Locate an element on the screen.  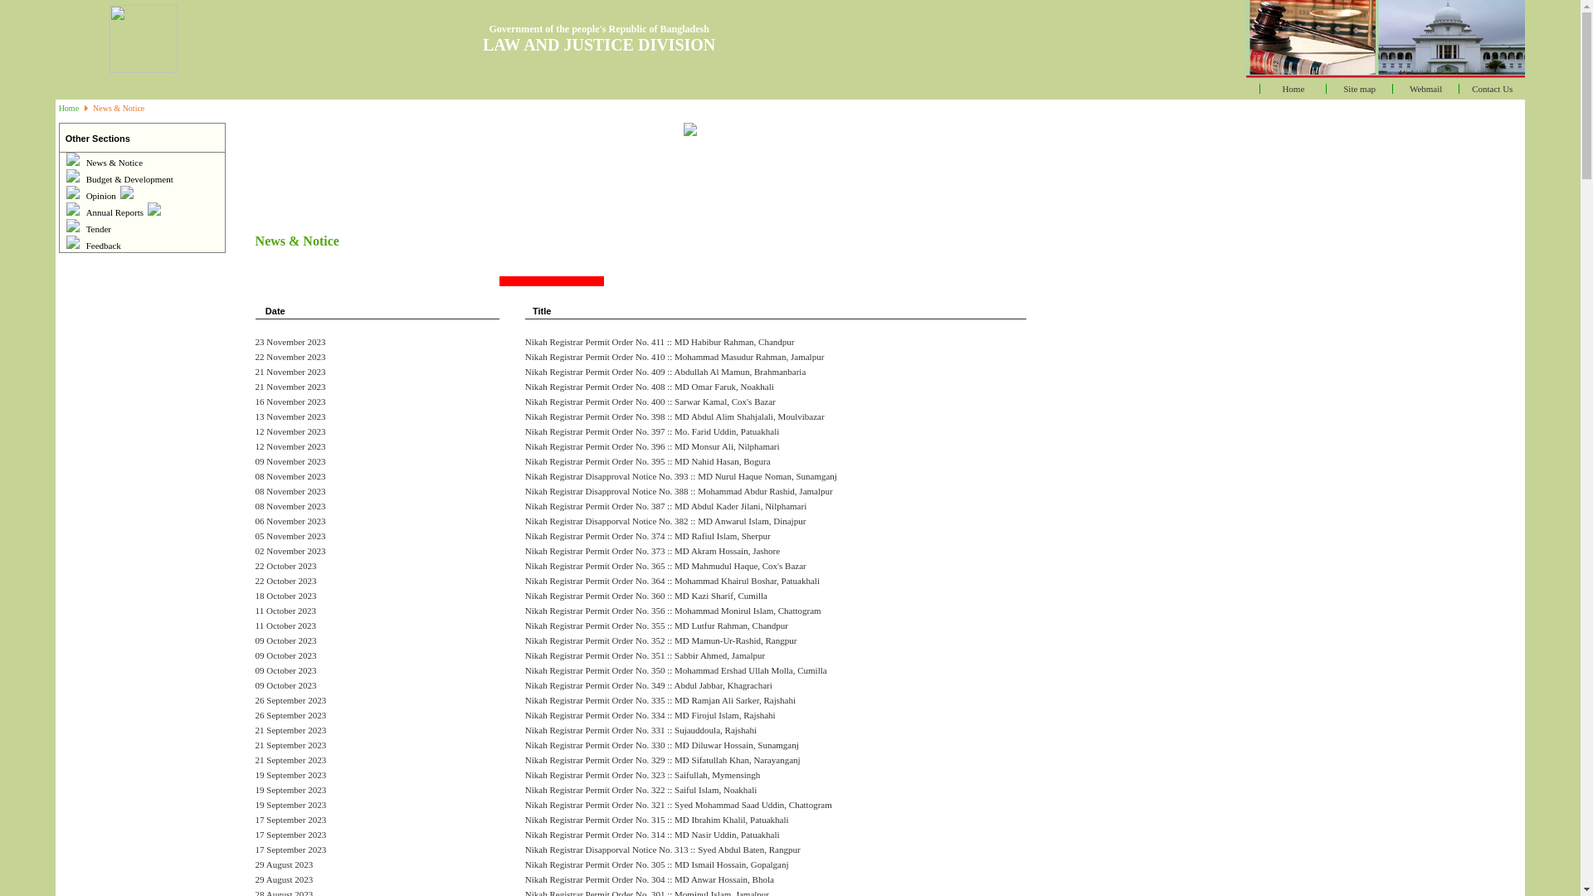
'Budget & Development' is located at coordinates (129, 179).